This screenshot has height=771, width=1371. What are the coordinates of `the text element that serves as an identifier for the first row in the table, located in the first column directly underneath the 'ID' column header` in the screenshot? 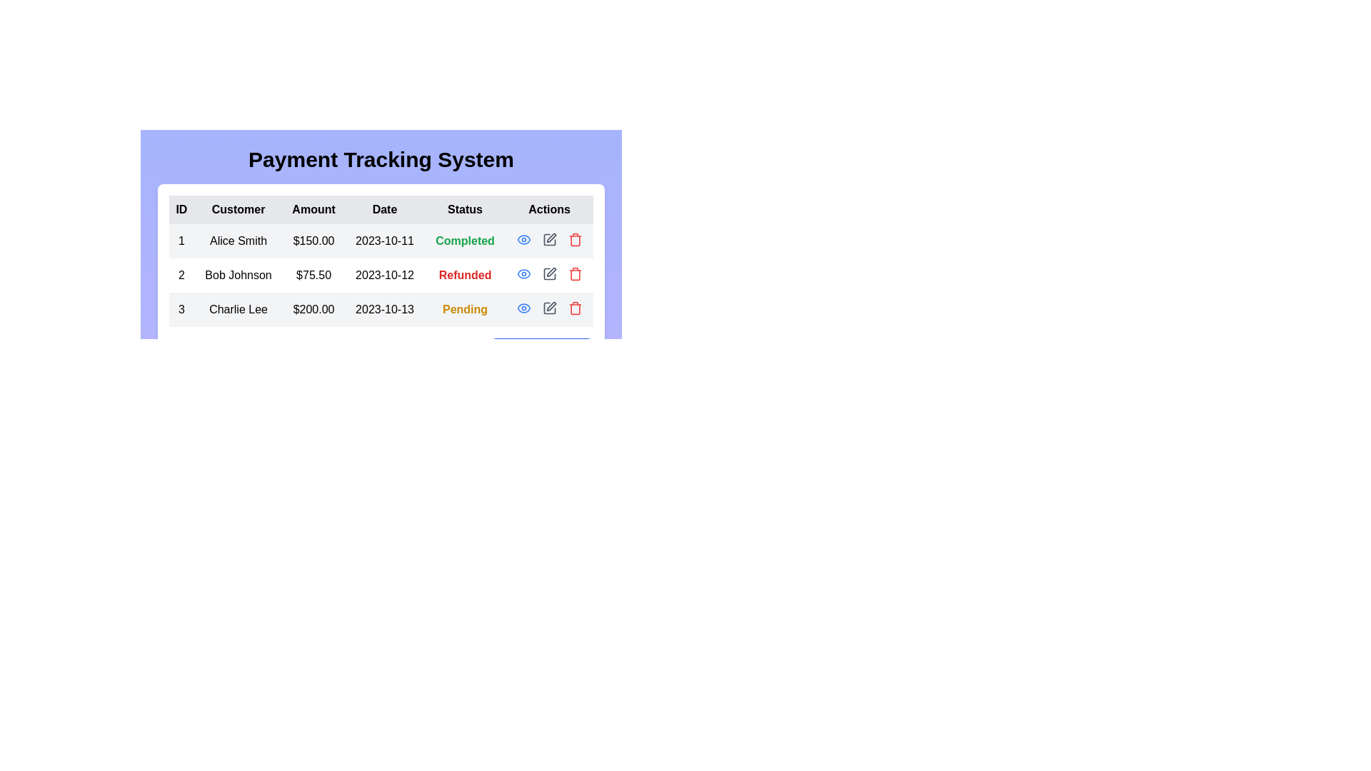 It's located at (181, 241).